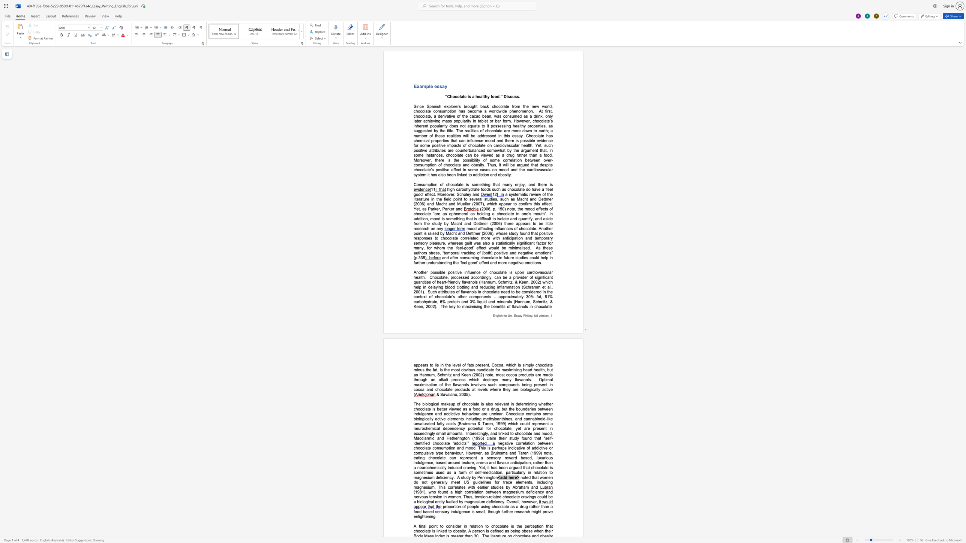  What do you see at coordinates (511, 447) in the screenshot?
I see `the space between the continuous character "n" and "d" in the text` at bounding box center [511, 447].